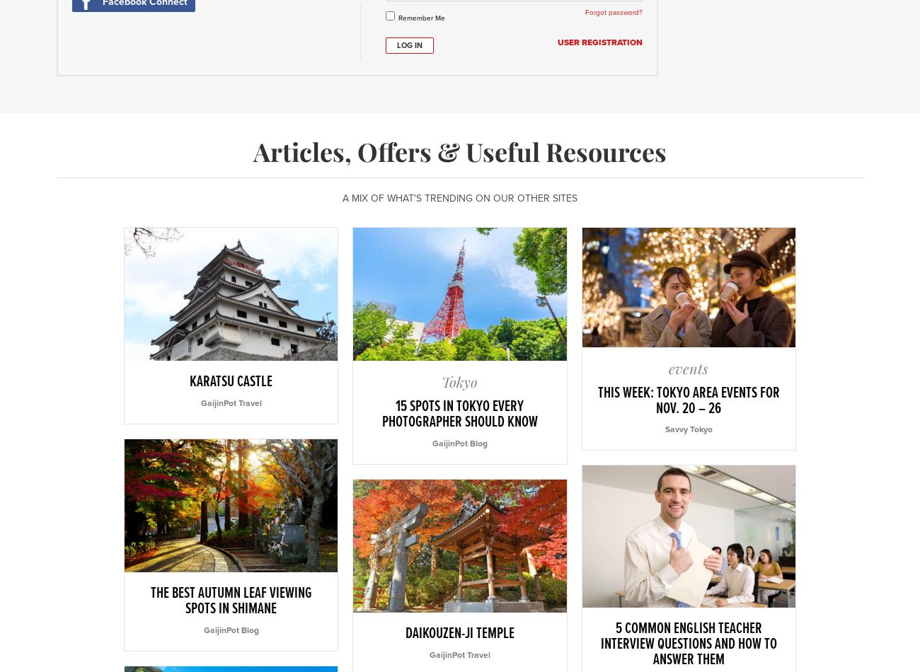 This screenshot has height=672, width=920. What do you see at coordinates (459, 381) in the screenshot?
I see `'Tokyo'` at bounding box center [459, 381].